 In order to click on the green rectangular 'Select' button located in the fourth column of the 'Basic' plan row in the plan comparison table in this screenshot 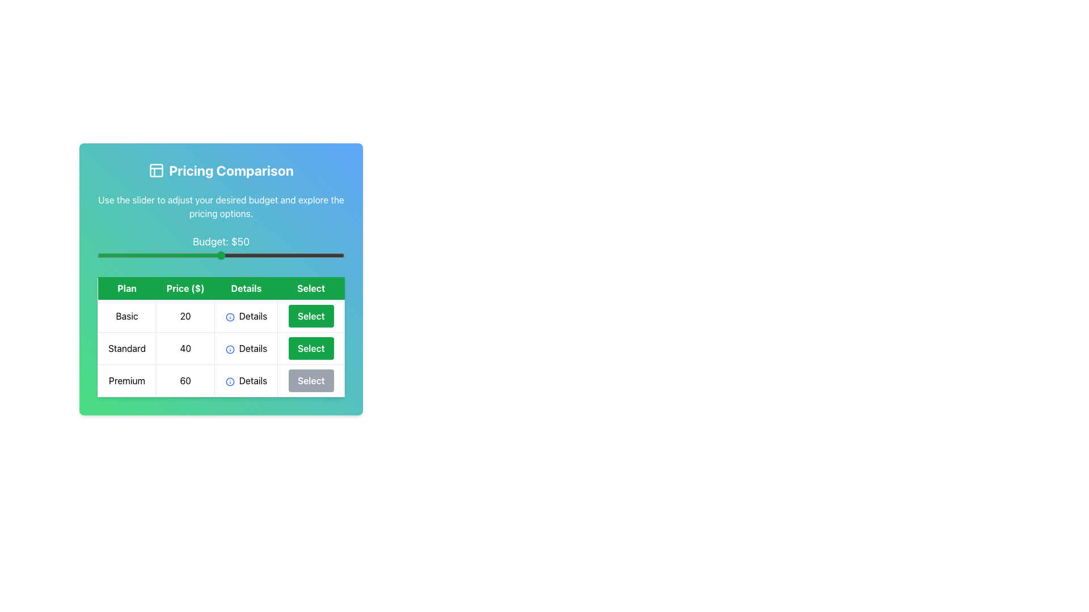, I will do `click(311, 316)`.